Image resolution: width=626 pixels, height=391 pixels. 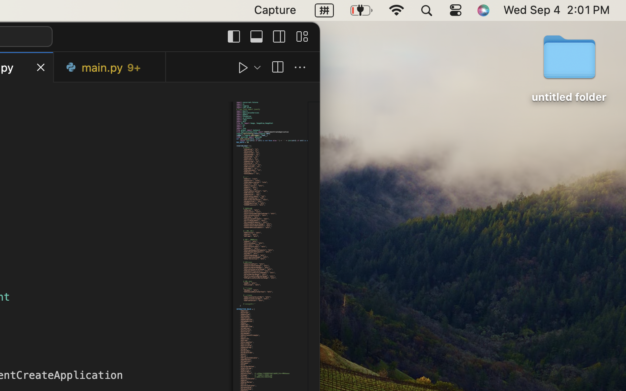 I want to click on '', so click(x=277, y=67).